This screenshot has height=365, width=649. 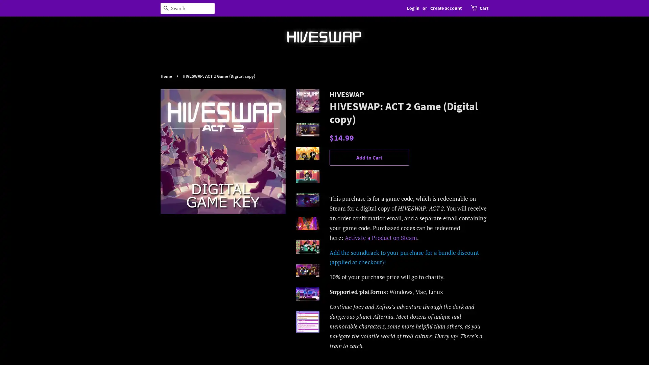 I want to click on Search, so click(x=166, y=8).